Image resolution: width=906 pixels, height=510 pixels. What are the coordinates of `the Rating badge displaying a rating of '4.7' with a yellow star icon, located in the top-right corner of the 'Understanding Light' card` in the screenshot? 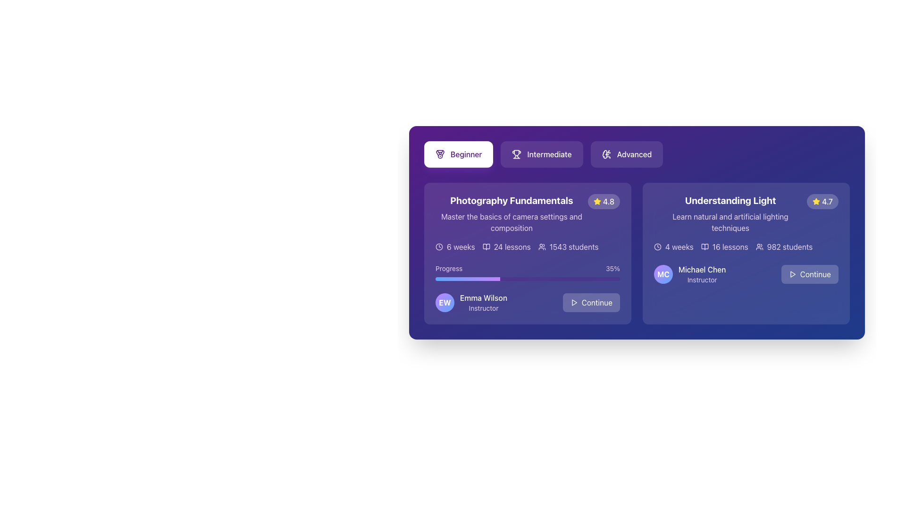 It's located at (822, 201).